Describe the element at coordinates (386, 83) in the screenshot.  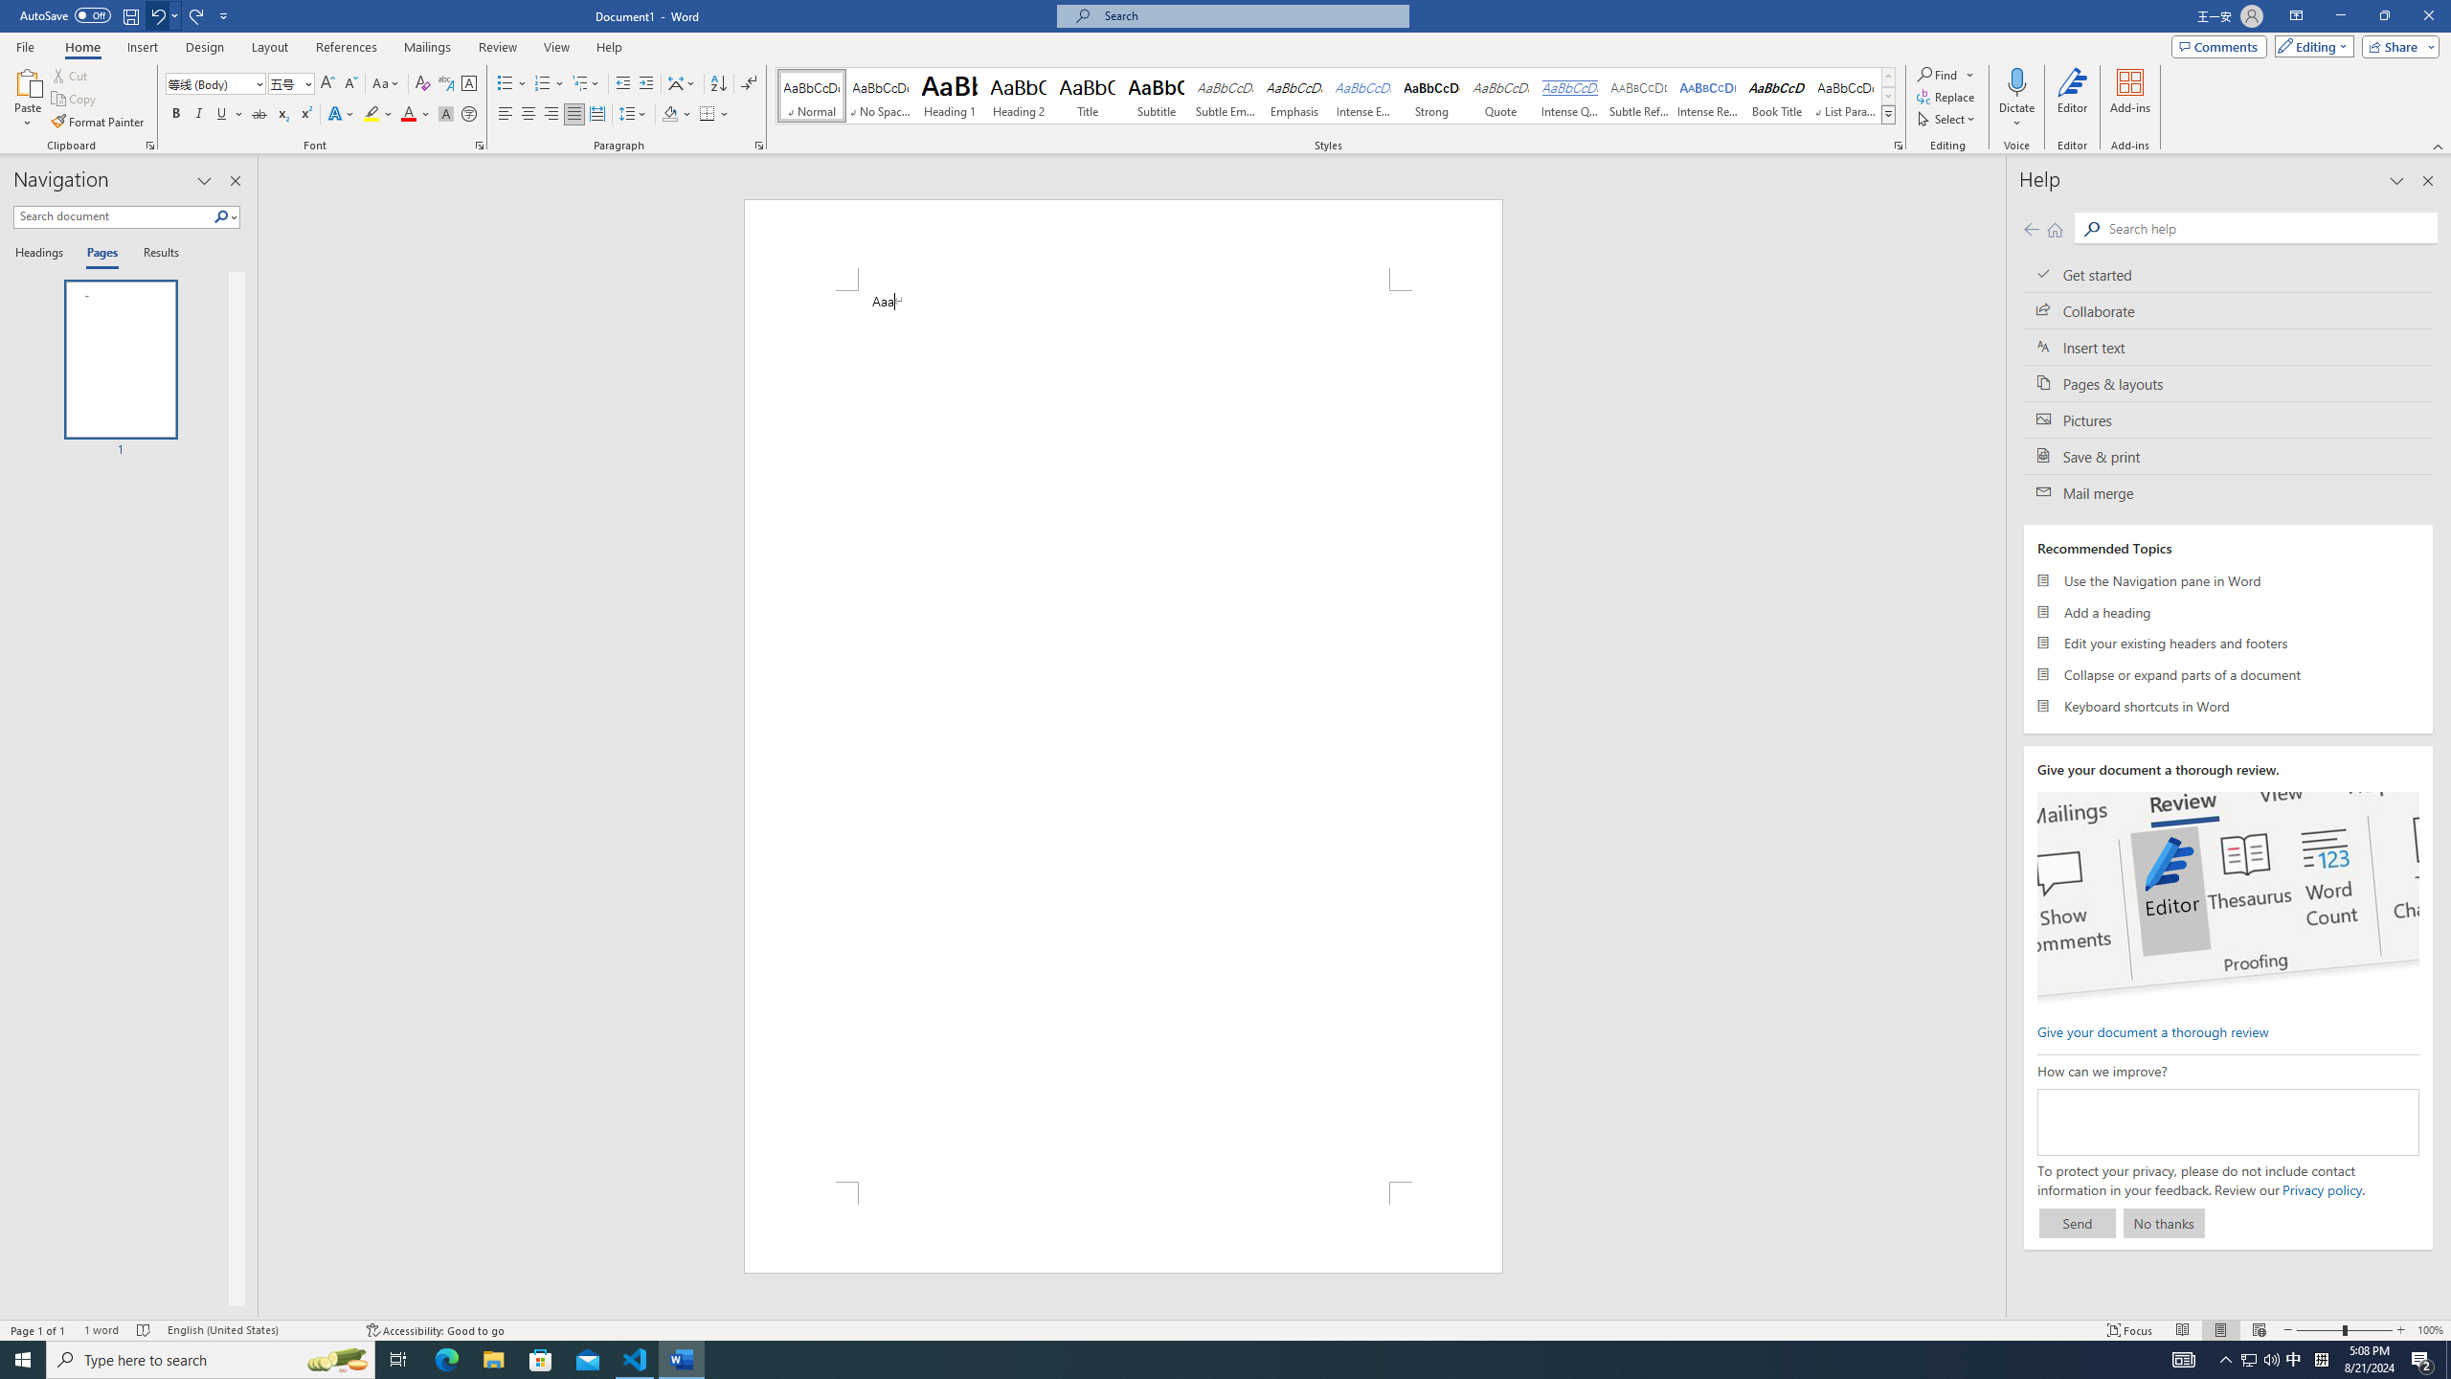
I see `'Change Case'` at that location.